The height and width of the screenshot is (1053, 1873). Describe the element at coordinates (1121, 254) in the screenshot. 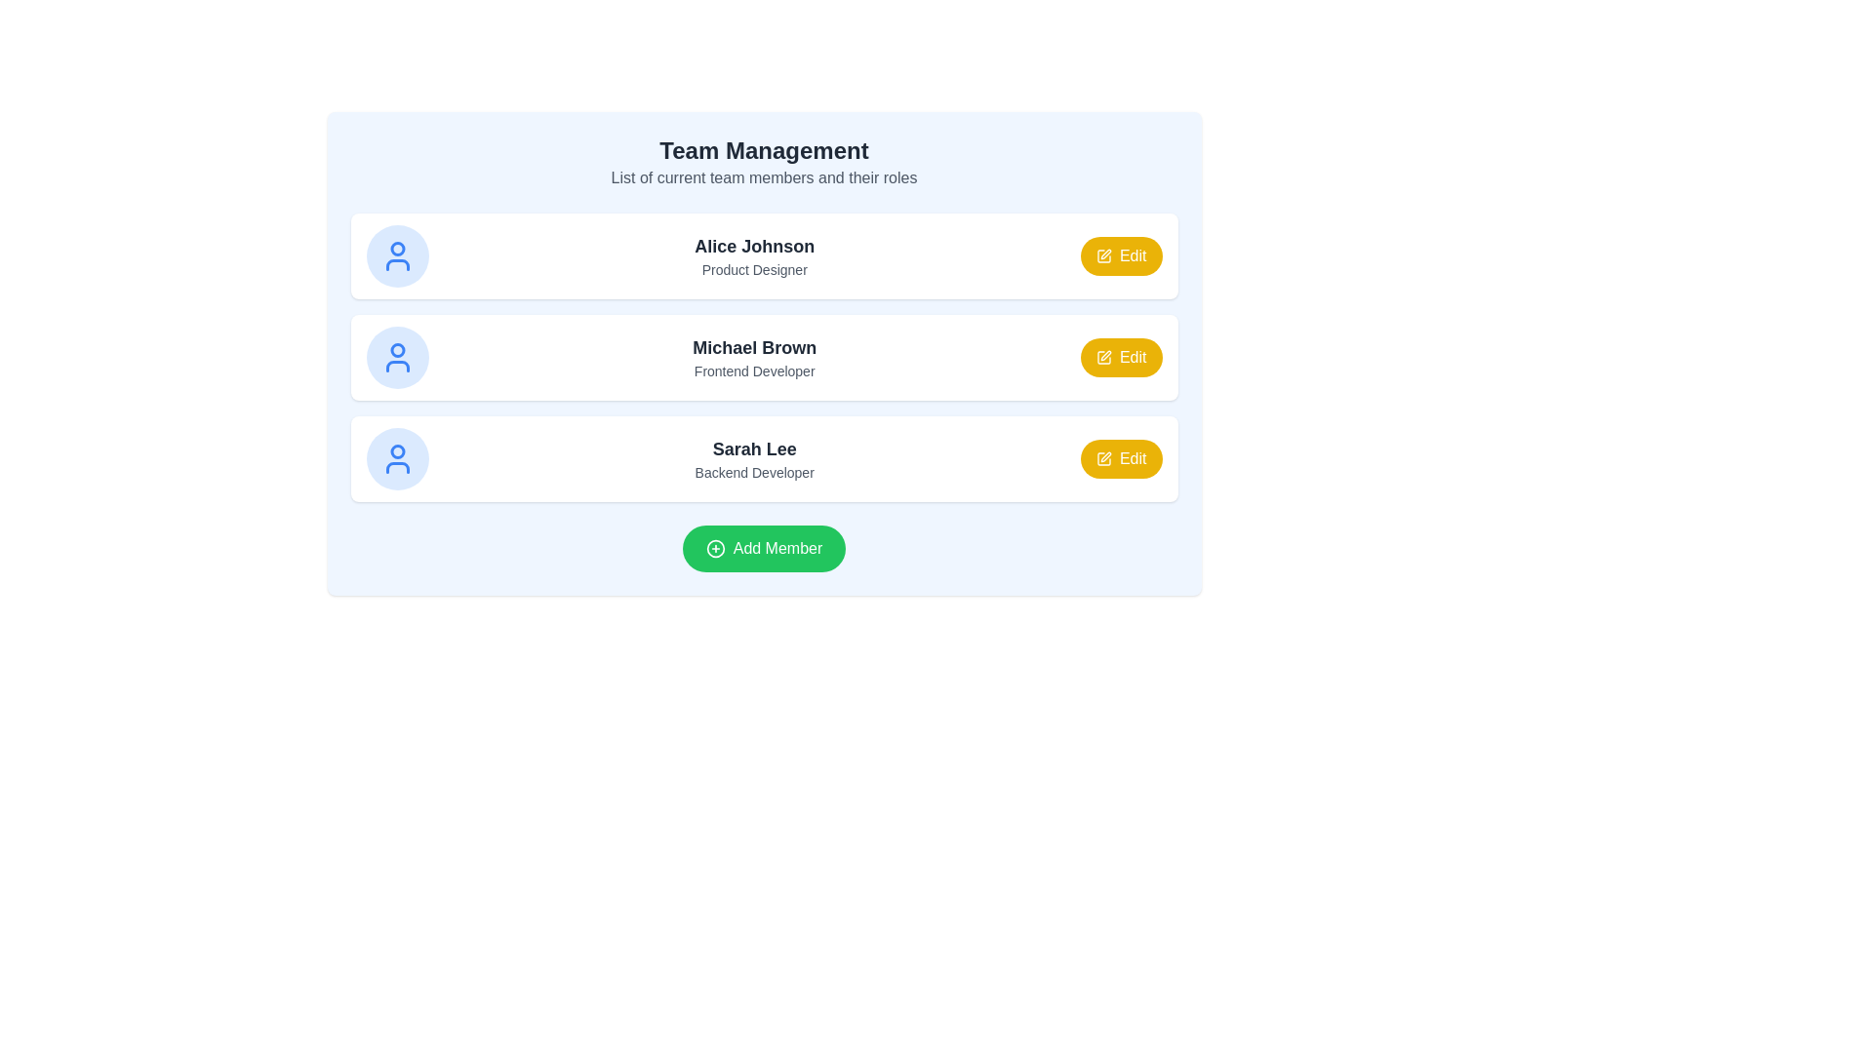

I see `the rounded yellow 'Edit' button with a pen icon` at that location.